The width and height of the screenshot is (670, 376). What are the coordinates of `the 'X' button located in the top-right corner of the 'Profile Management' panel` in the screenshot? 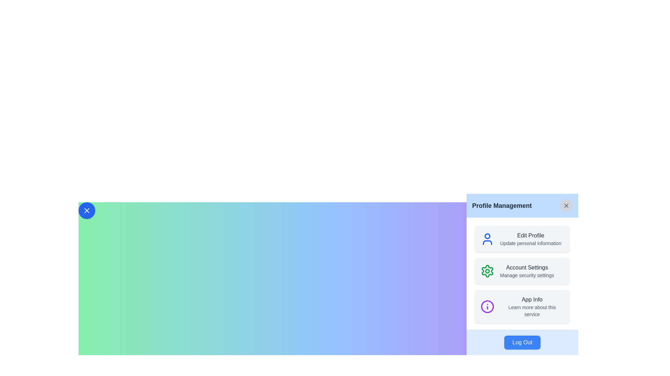 It's located at (566, 205).